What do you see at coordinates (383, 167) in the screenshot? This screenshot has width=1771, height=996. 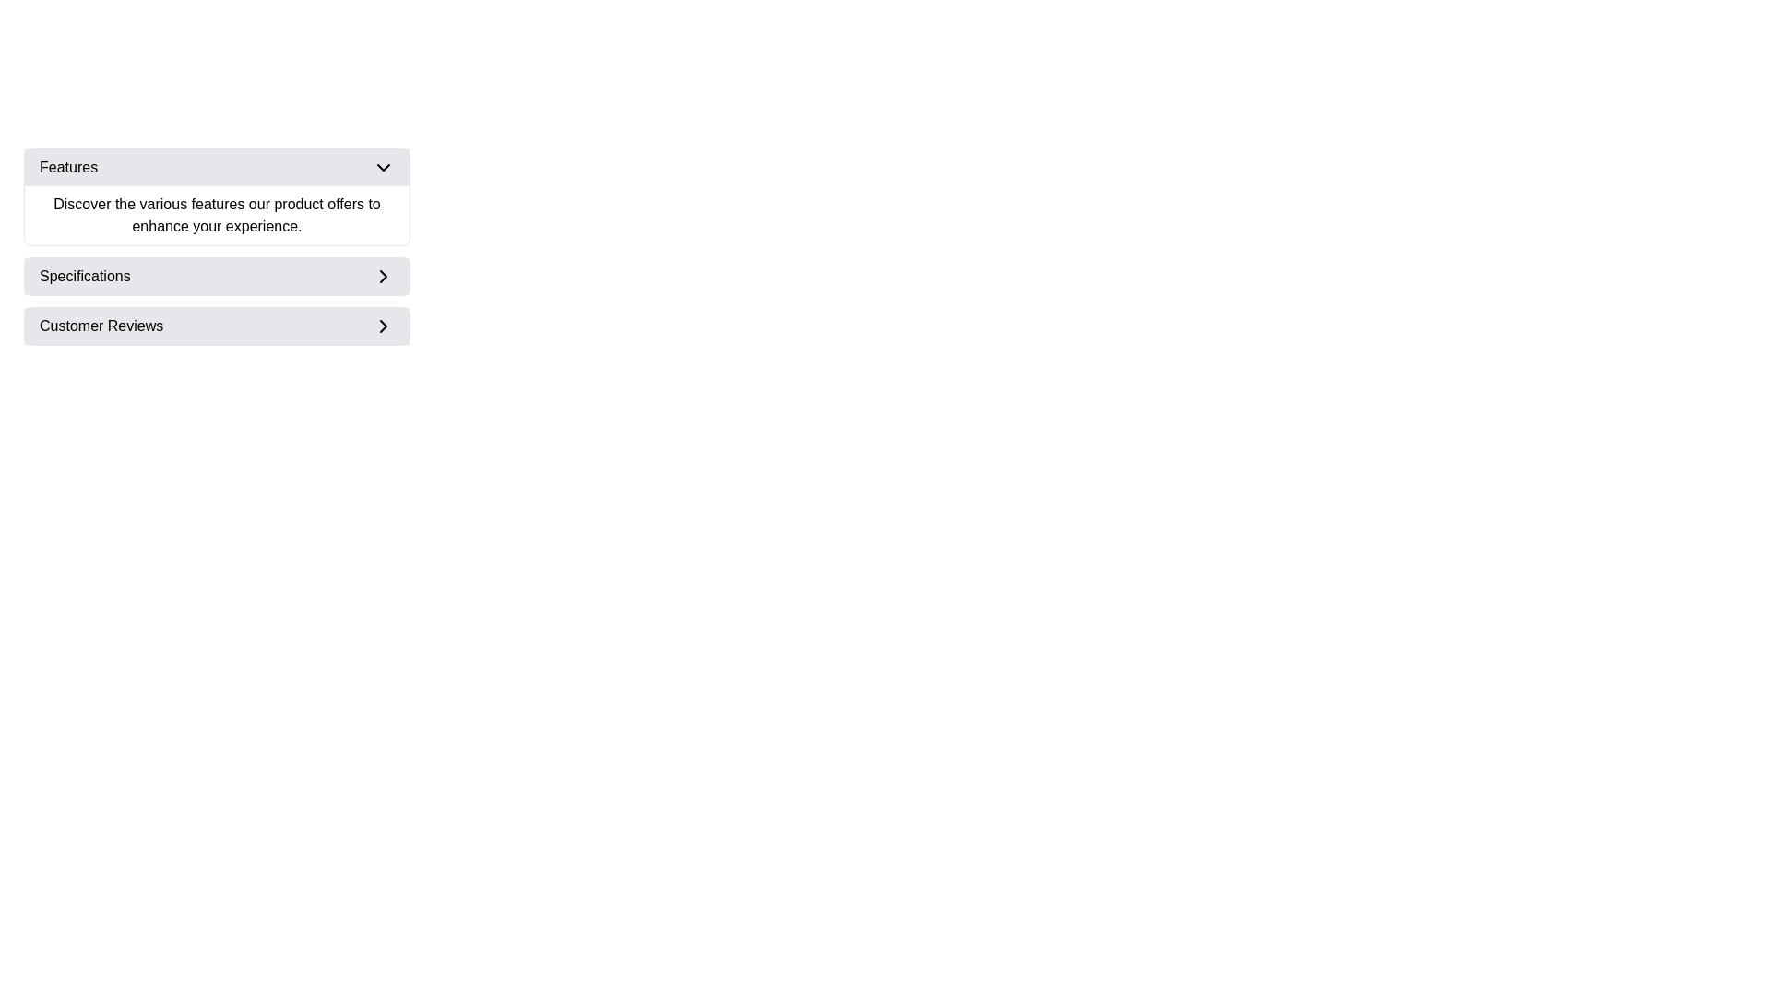 I see `the downwards-pointing chevron icon located at the far right of the 'Features' button` at bounding box center [383, 167].